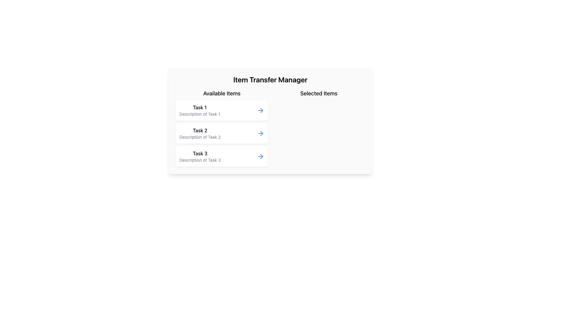 The image size is (582, 327). Describe the element at coordinates (318, 128) in the screenshot. I see `the rectangular section titled 'Selected Items', located on the right side of the 'Available Items' section` at that location.